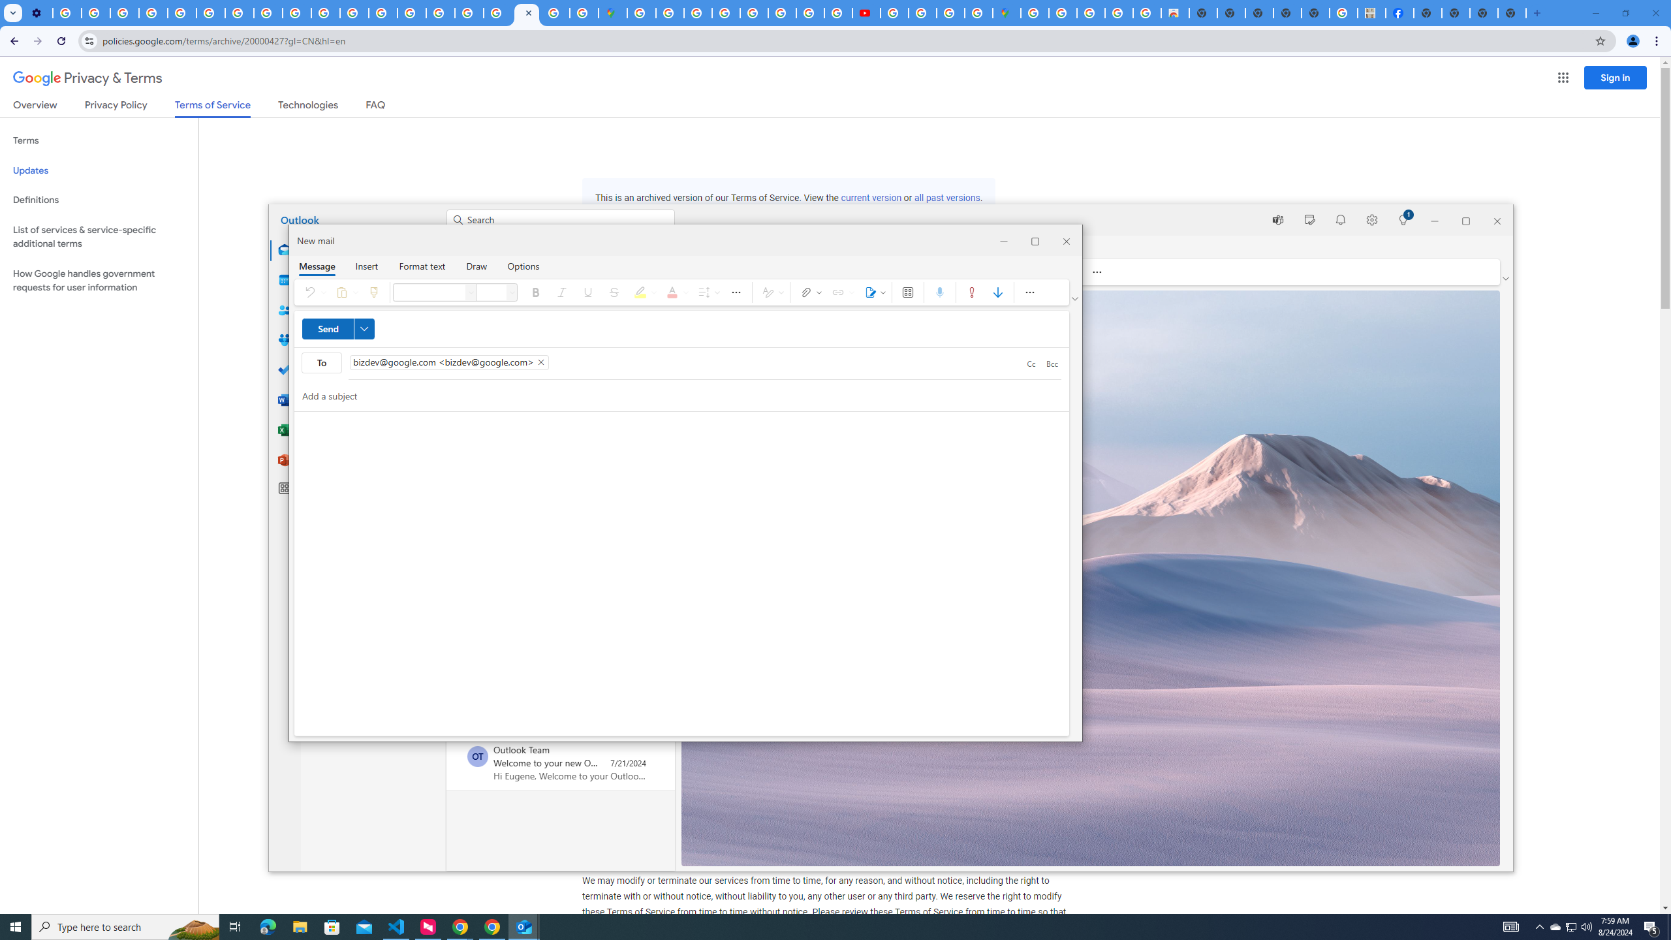 The height and width of the screenshot is (940, 1671). Describe the element at coordinates (708, 292) in the screenshot. I see `'Spacing'` at that location.